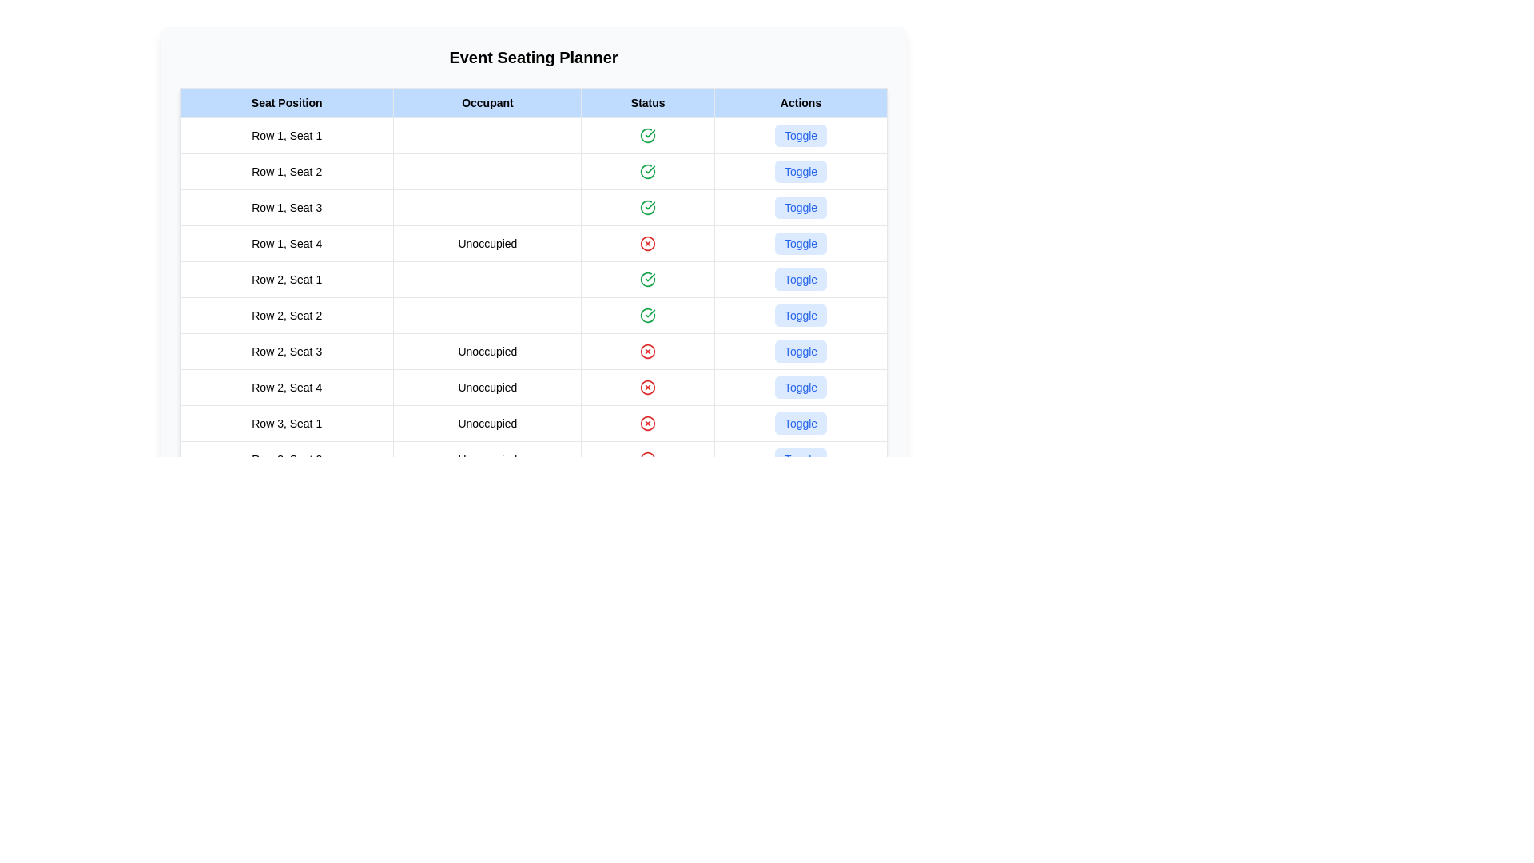  What do you see at coordinates (801, 172) in the screenshot?
I see `the 'Toggle' button in the 'Actions' column of the fourth row in the 'Event Seating Planner' table` at bounding box center [801, 172].